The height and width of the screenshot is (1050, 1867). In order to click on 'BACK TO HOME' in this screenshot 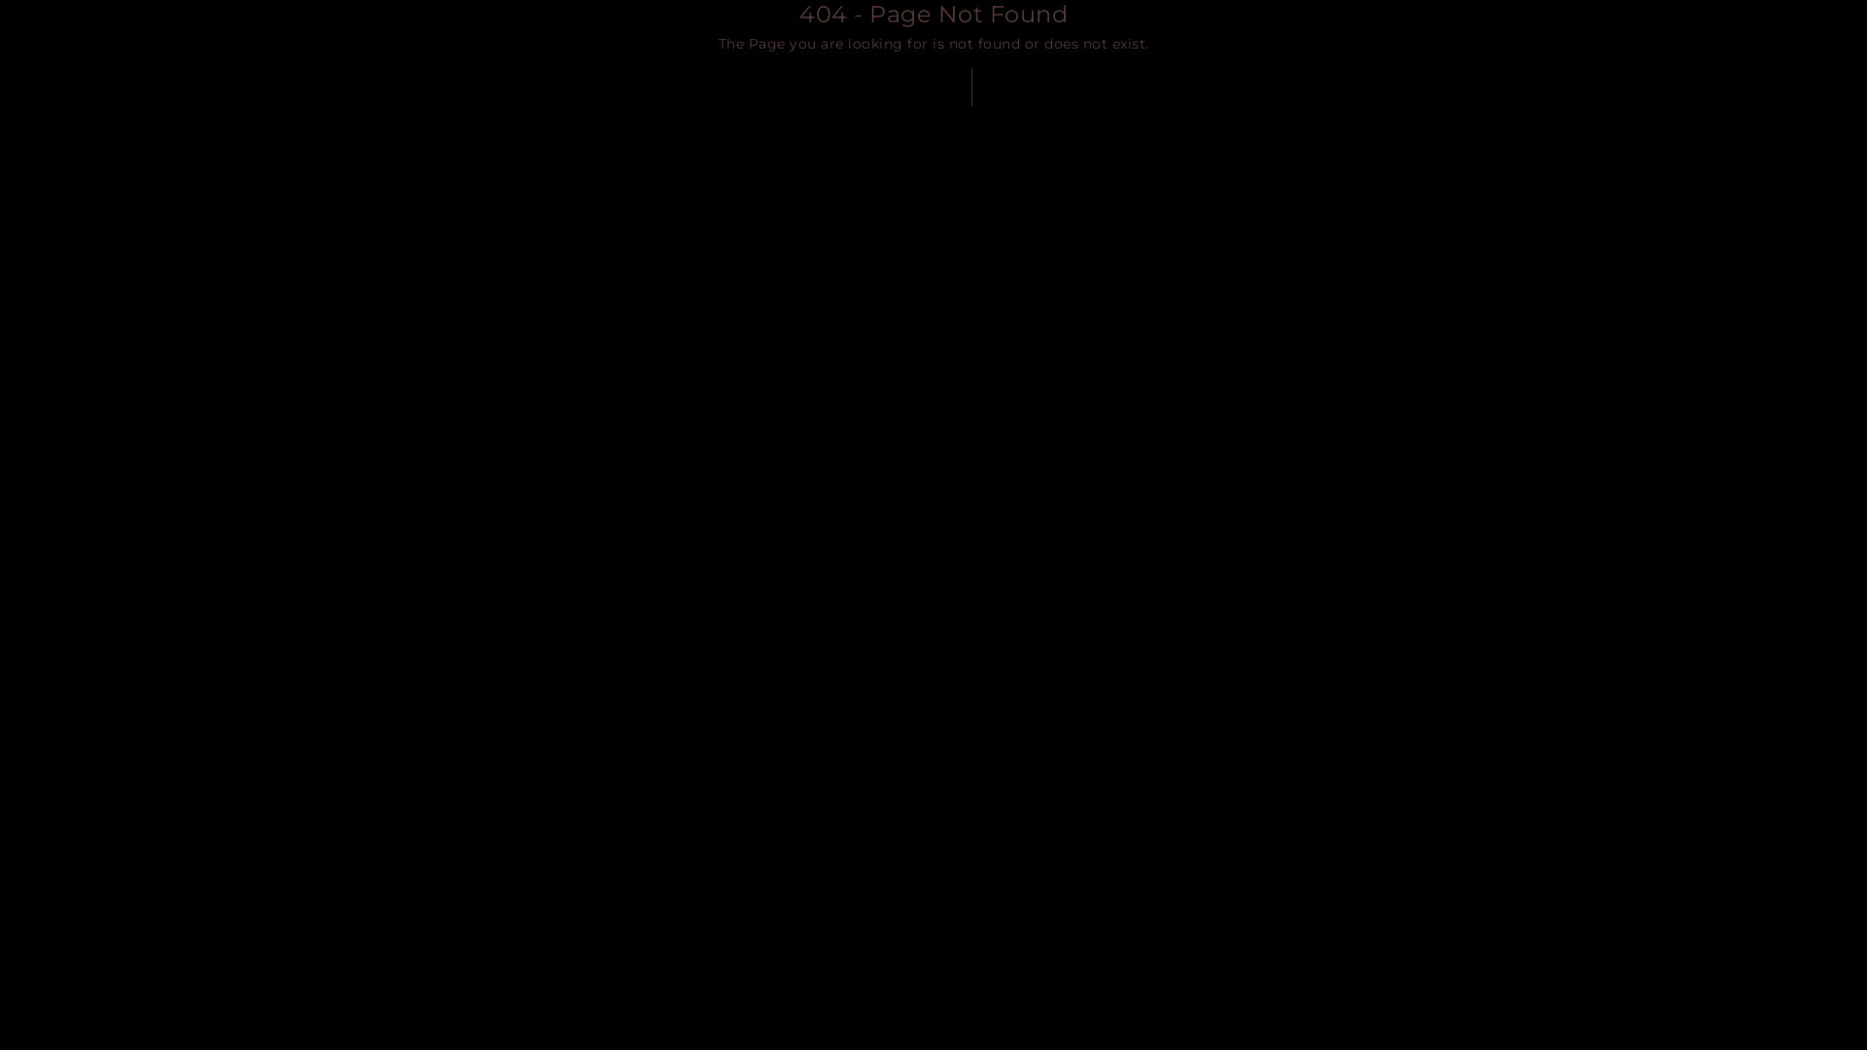, I will do `click(933, 86)`.